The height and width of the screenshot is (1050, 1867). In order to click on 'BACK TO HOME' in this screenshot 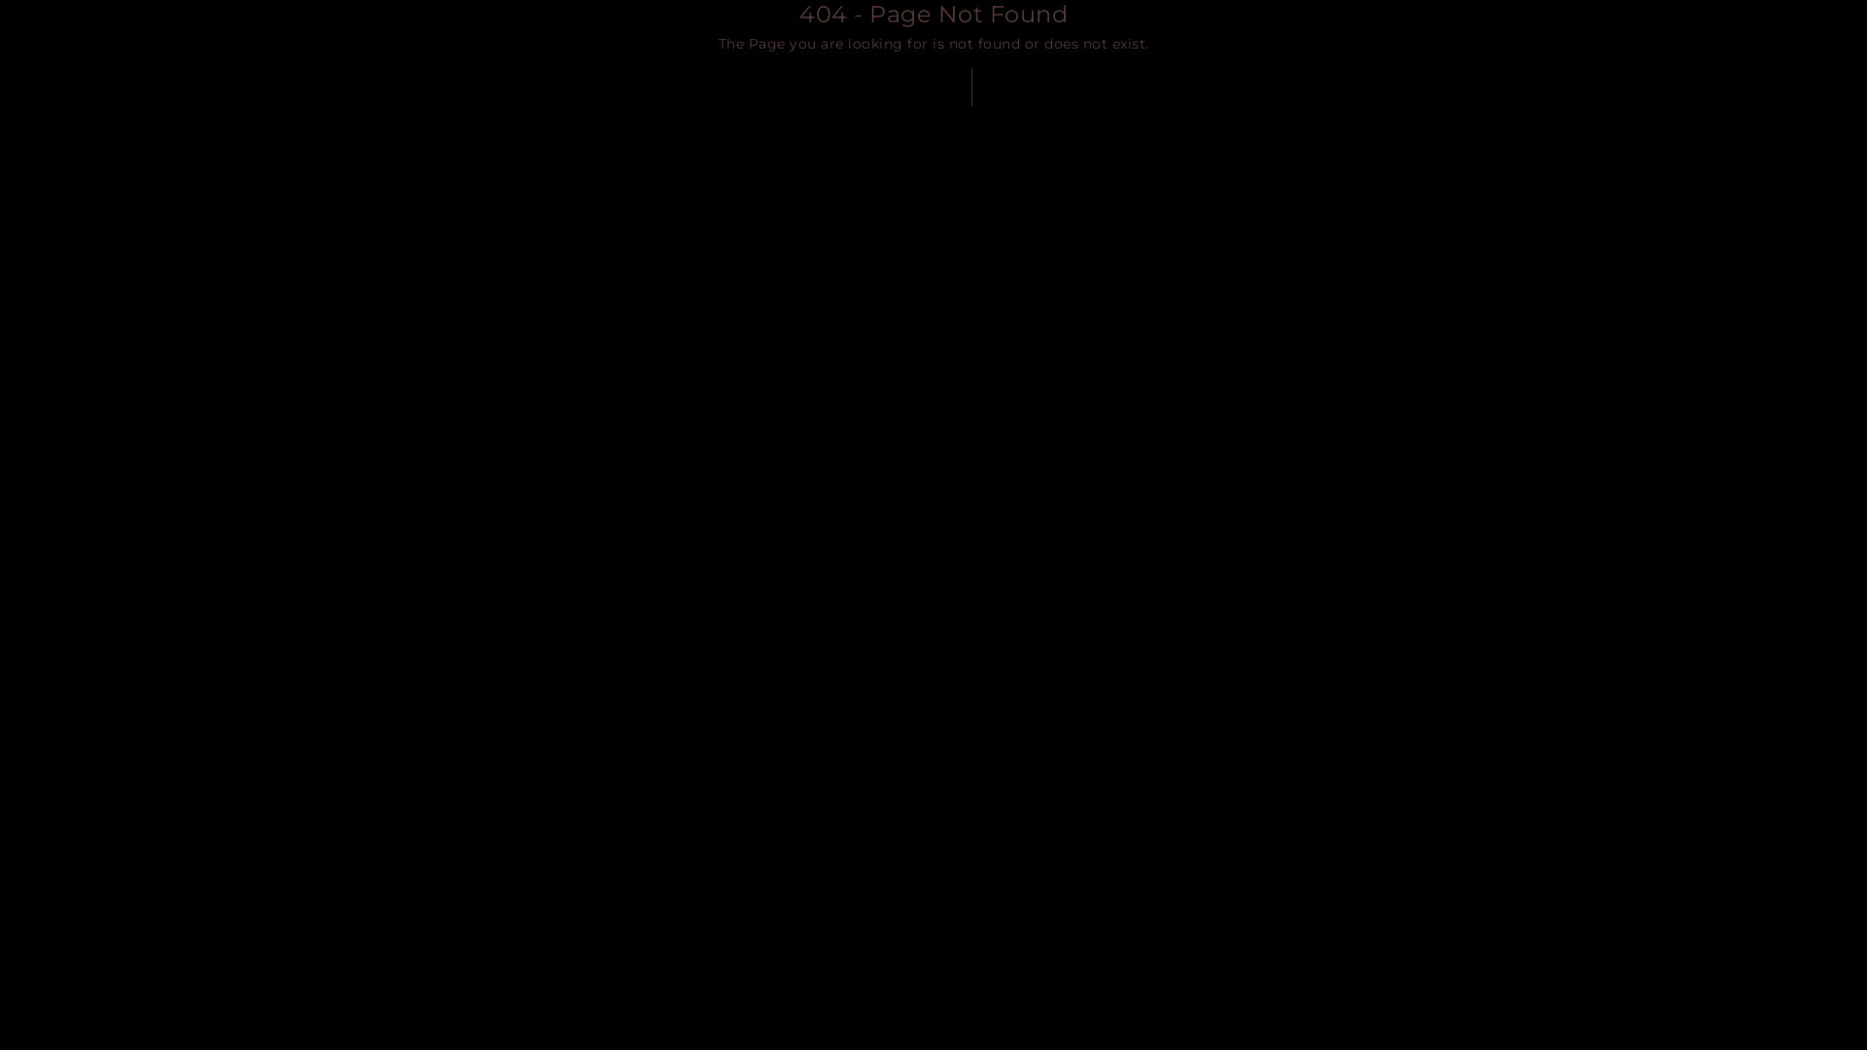, I will do `click(933, 86)`.